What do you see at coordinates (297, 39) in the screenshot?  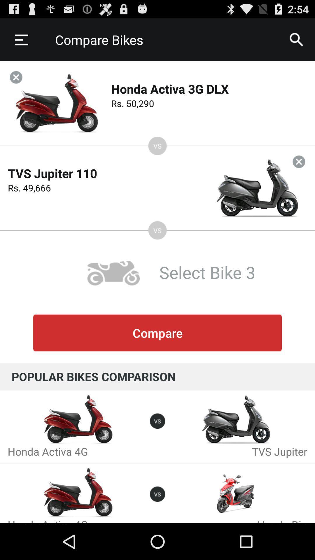 I see `the icon above rs. 50,290 icon` at bounding box center [297, 39].